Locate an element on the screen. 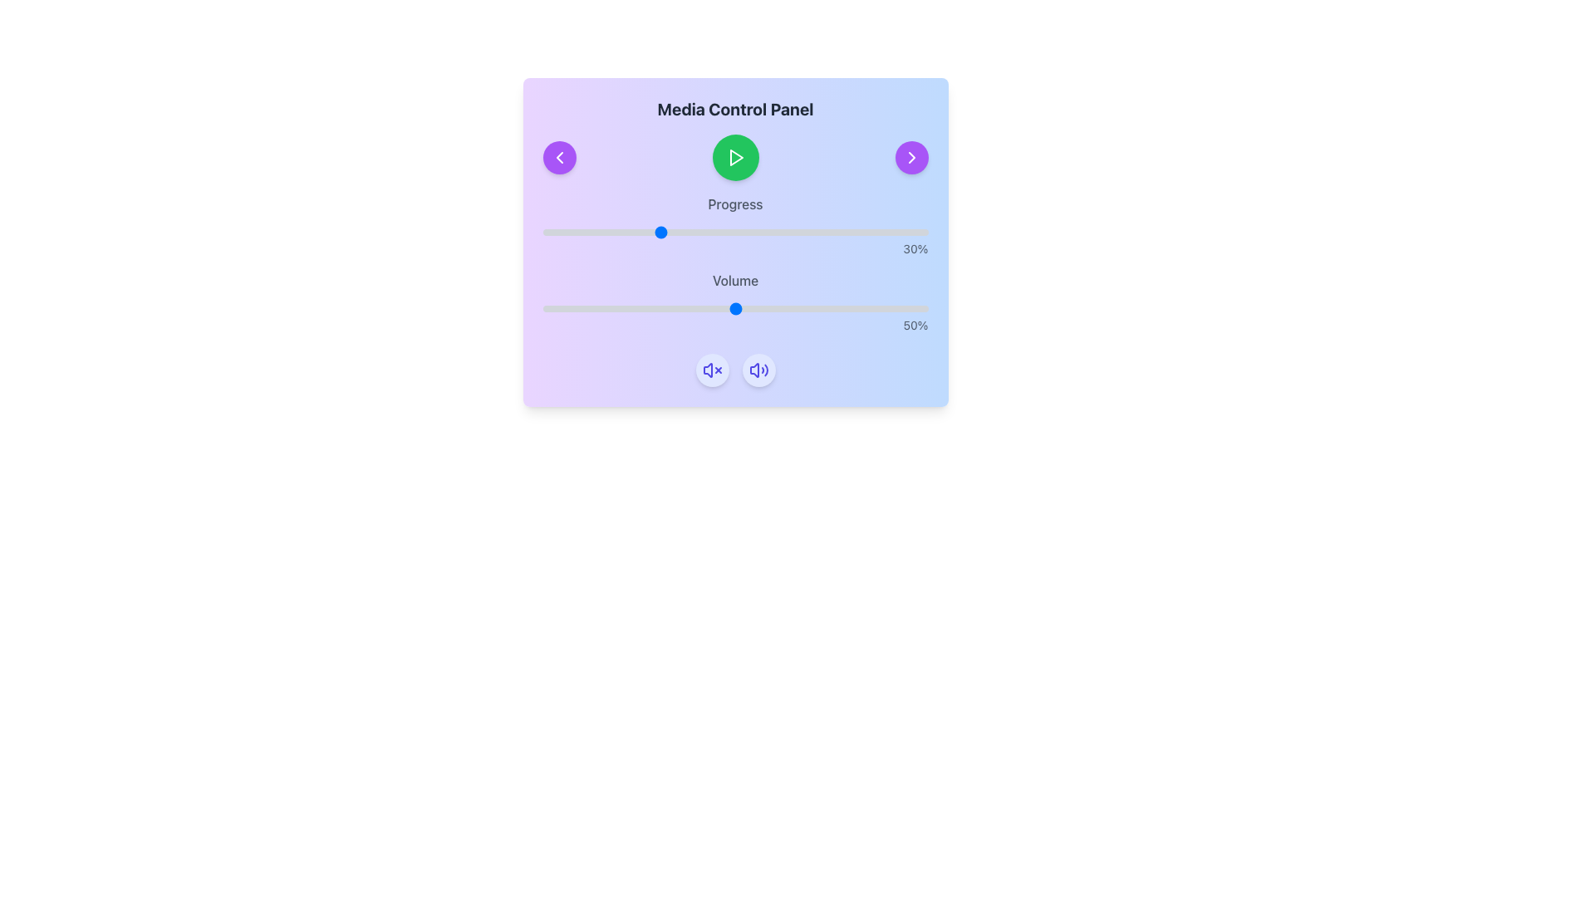 Image resolution: width=1595 pixels, height=897 pixels. progress is located at coordinates (805, 233).